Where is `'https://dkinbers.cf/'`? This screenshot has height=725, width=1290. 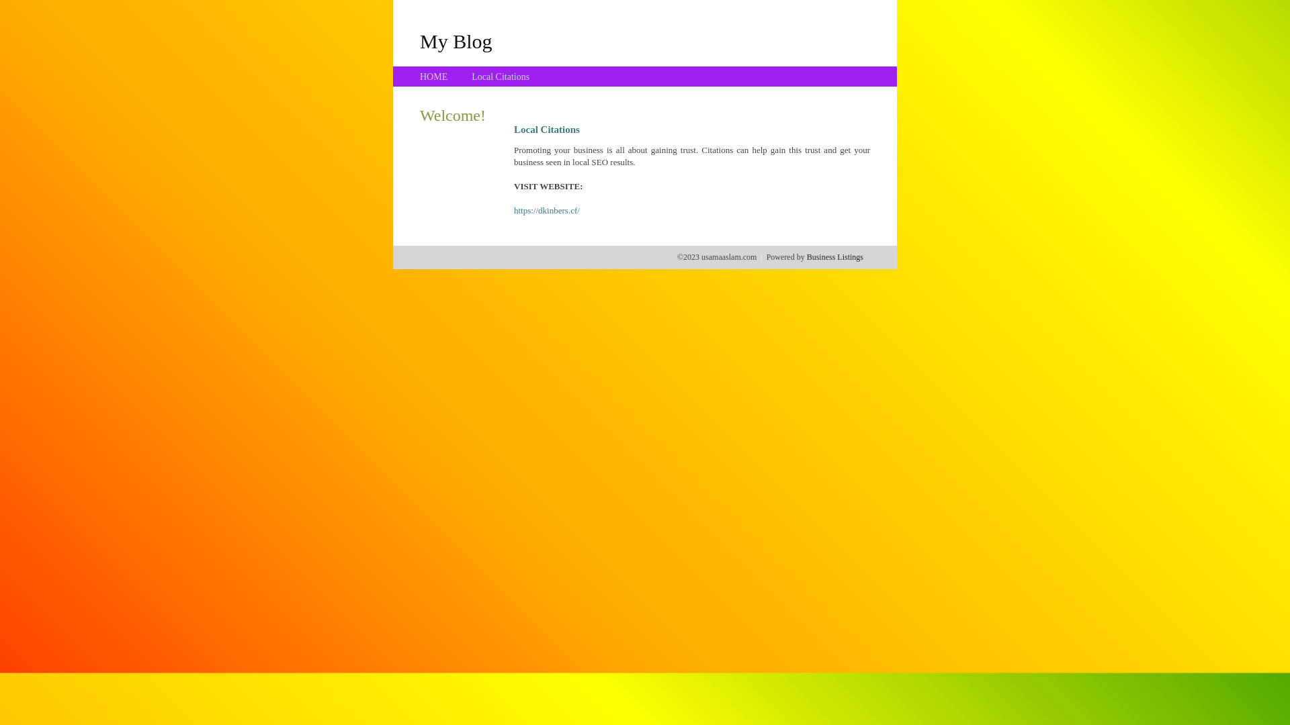
'https://dkinbers.cf/' is located at coordinates (547, 210).